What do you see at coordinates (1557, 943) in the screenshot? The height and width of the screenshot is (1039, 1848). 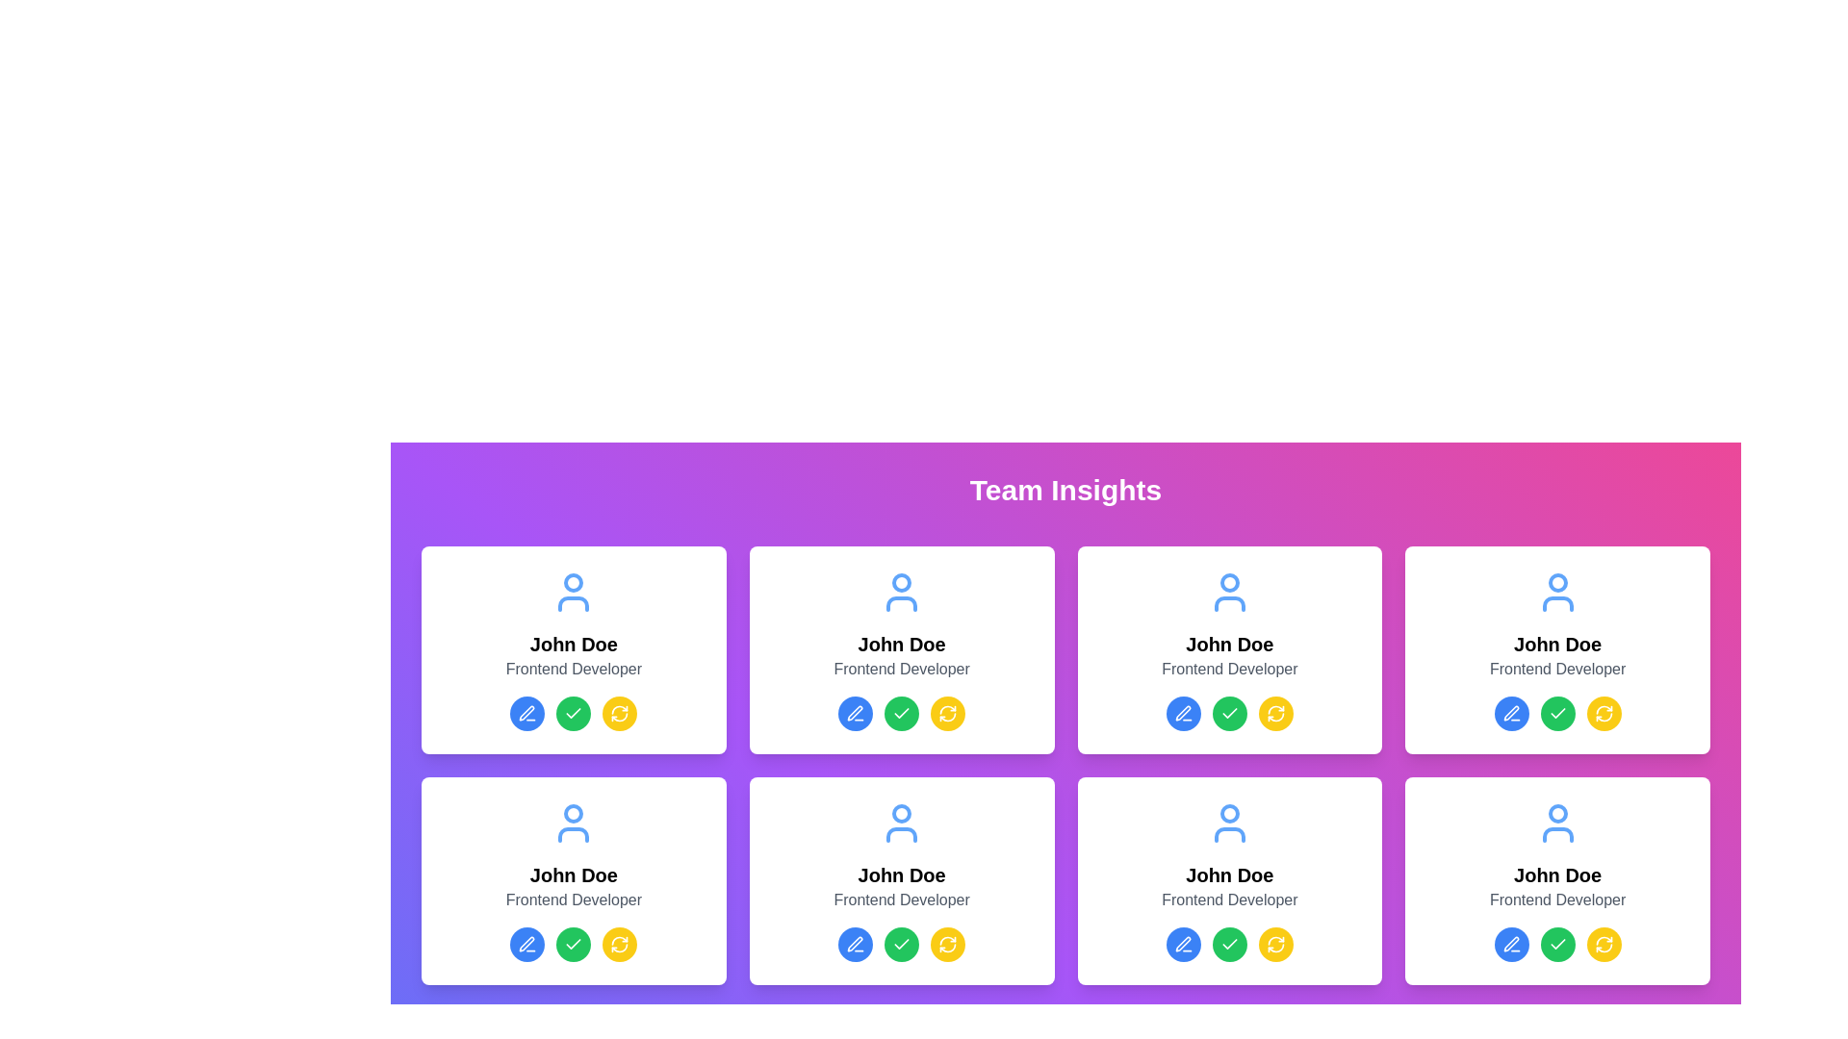 I see `the green checkmark icon located in the action icon row at the bottom of the fourth card in the last row of the grid layout to confirm an action` at bounding box center [1557, 943].